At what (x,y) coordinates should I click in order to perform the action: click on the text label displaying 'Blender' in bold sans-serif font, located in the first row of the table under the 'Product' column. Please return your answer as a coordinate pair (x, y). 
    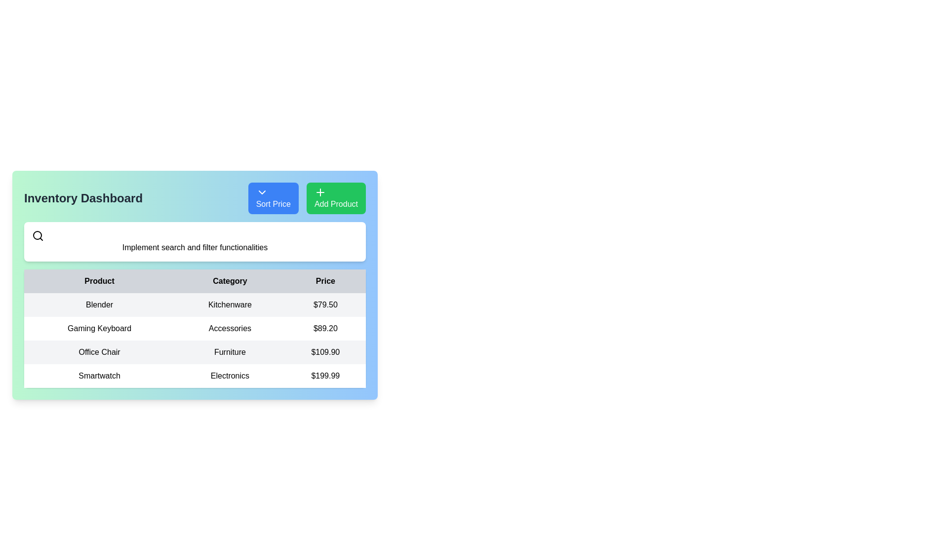
    Looking at the image, I should click on (99, 304).